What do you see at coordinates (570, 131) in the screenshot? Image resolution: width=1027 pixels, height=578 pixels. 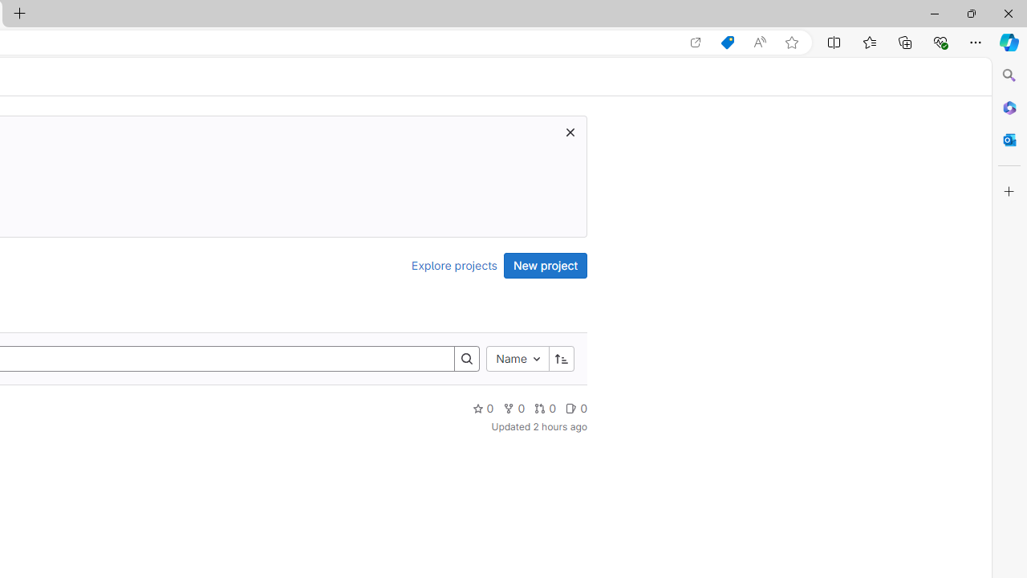 I see `'Class: s16 gl-icon gl-button-icon '` at bounding box center [570, 131].